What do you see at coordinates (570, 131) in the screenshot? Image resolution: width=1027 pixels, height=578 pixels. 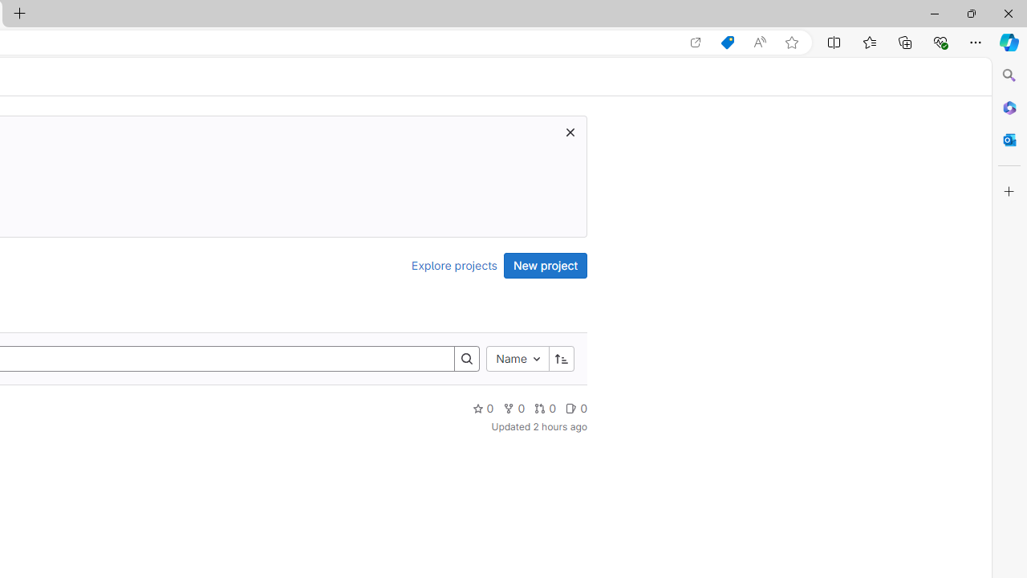 I see `'Class: s16 gl-icon gl-button-icon '` at bounding box center [570, 131].